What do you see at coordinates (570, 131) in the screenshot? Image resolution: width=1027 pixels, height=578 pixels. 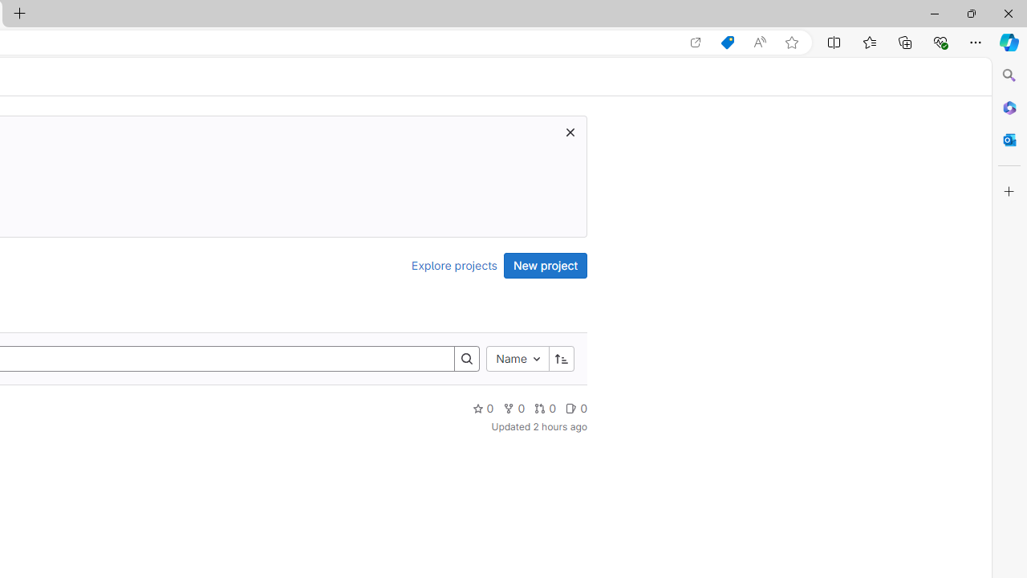 I see `'Class: s16 gl-icon gl-button-icon '` at bounding box center [570, 131].